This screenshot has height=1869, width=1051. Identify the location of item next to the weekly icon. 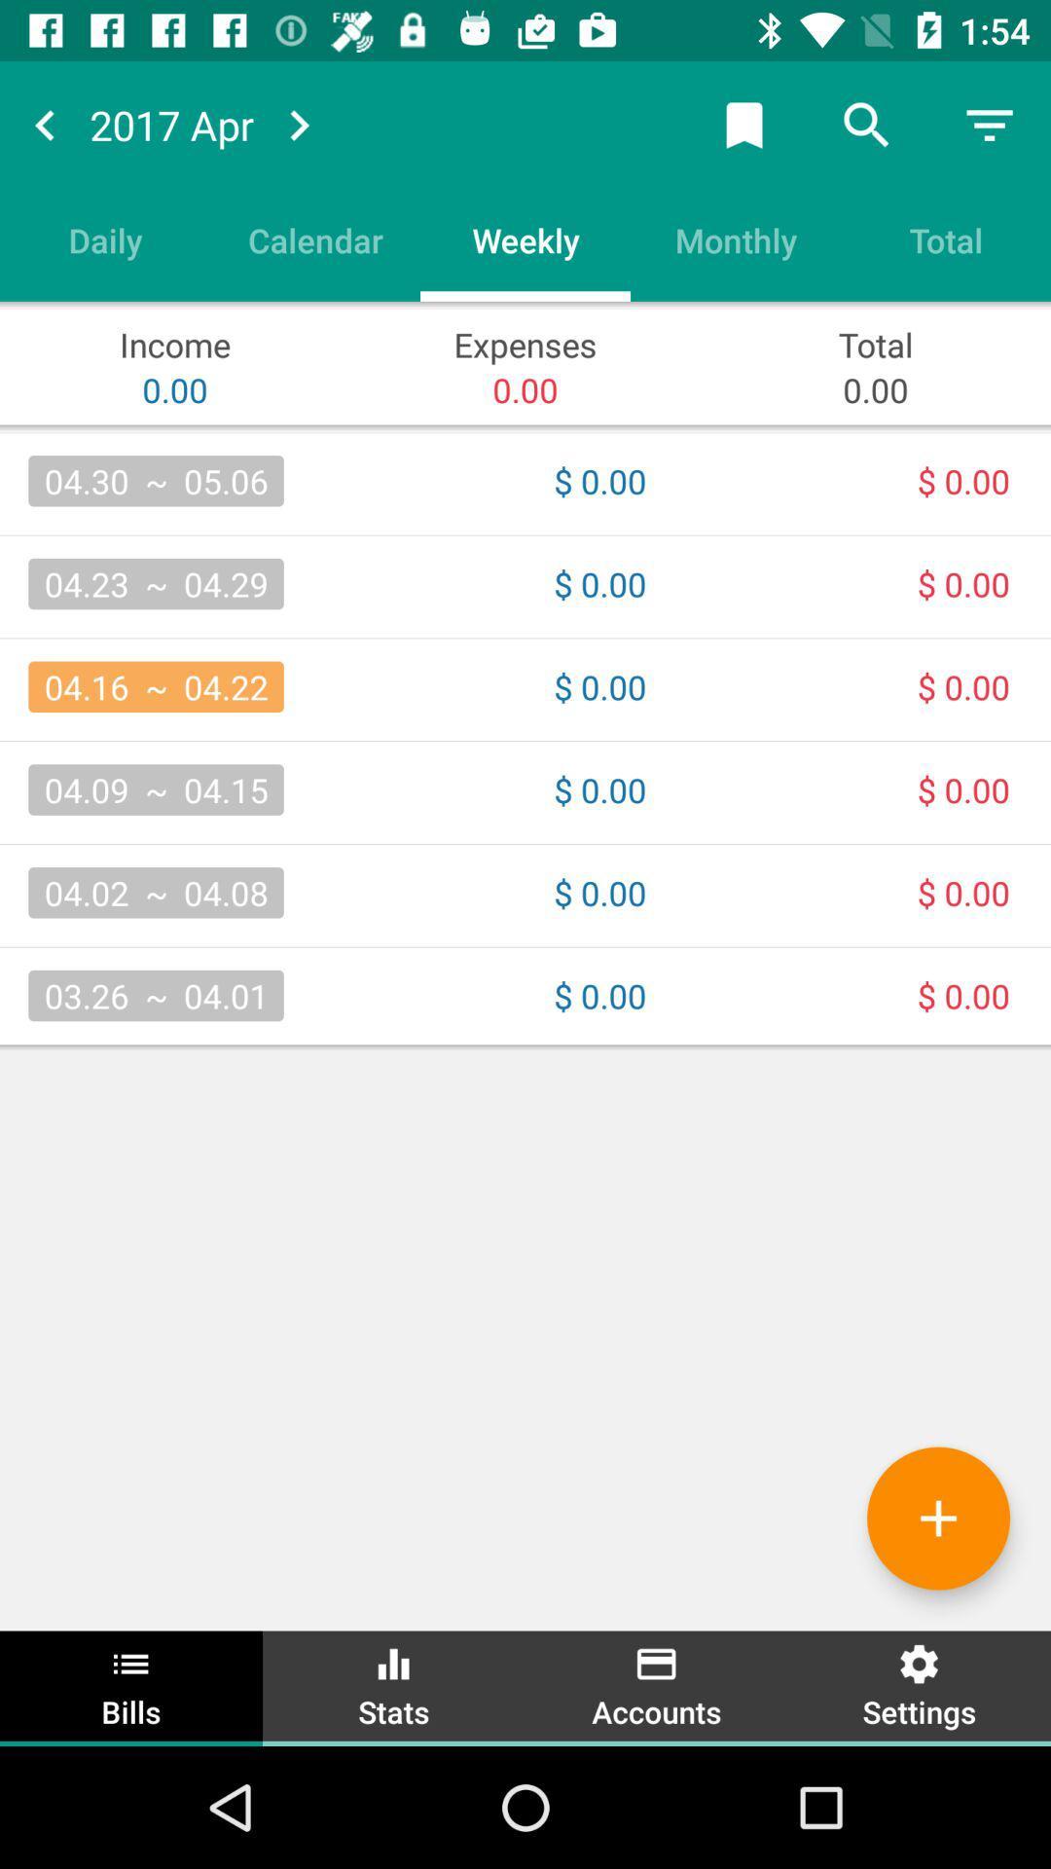
(314, 238).